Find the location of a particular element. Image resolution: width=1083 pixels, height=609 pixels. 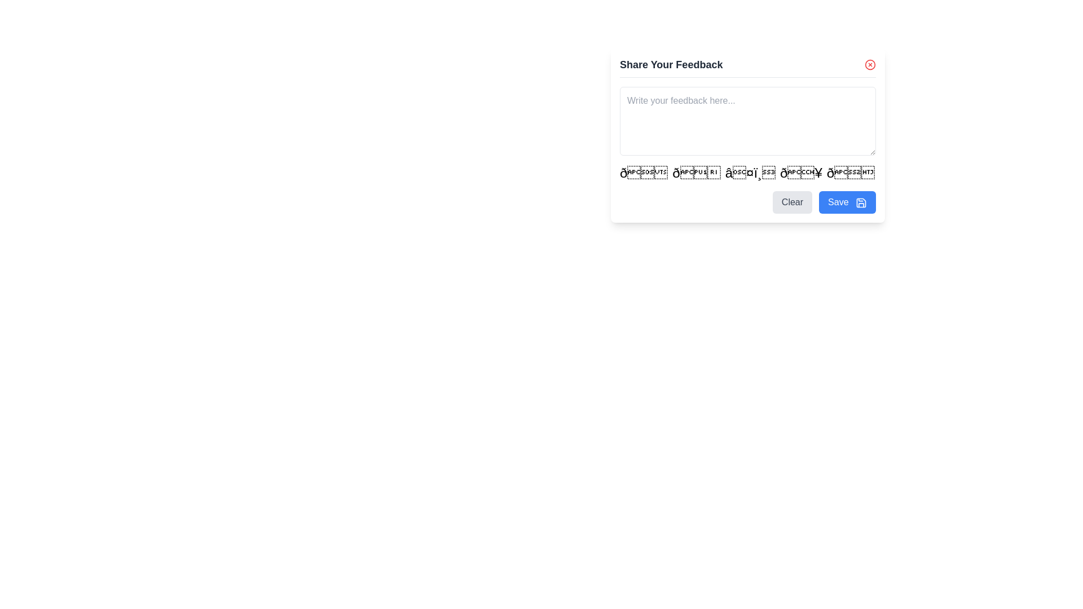

the Circle component within the SVG icon located at the top-right corner of the interface is located at coordinates (869, 65).